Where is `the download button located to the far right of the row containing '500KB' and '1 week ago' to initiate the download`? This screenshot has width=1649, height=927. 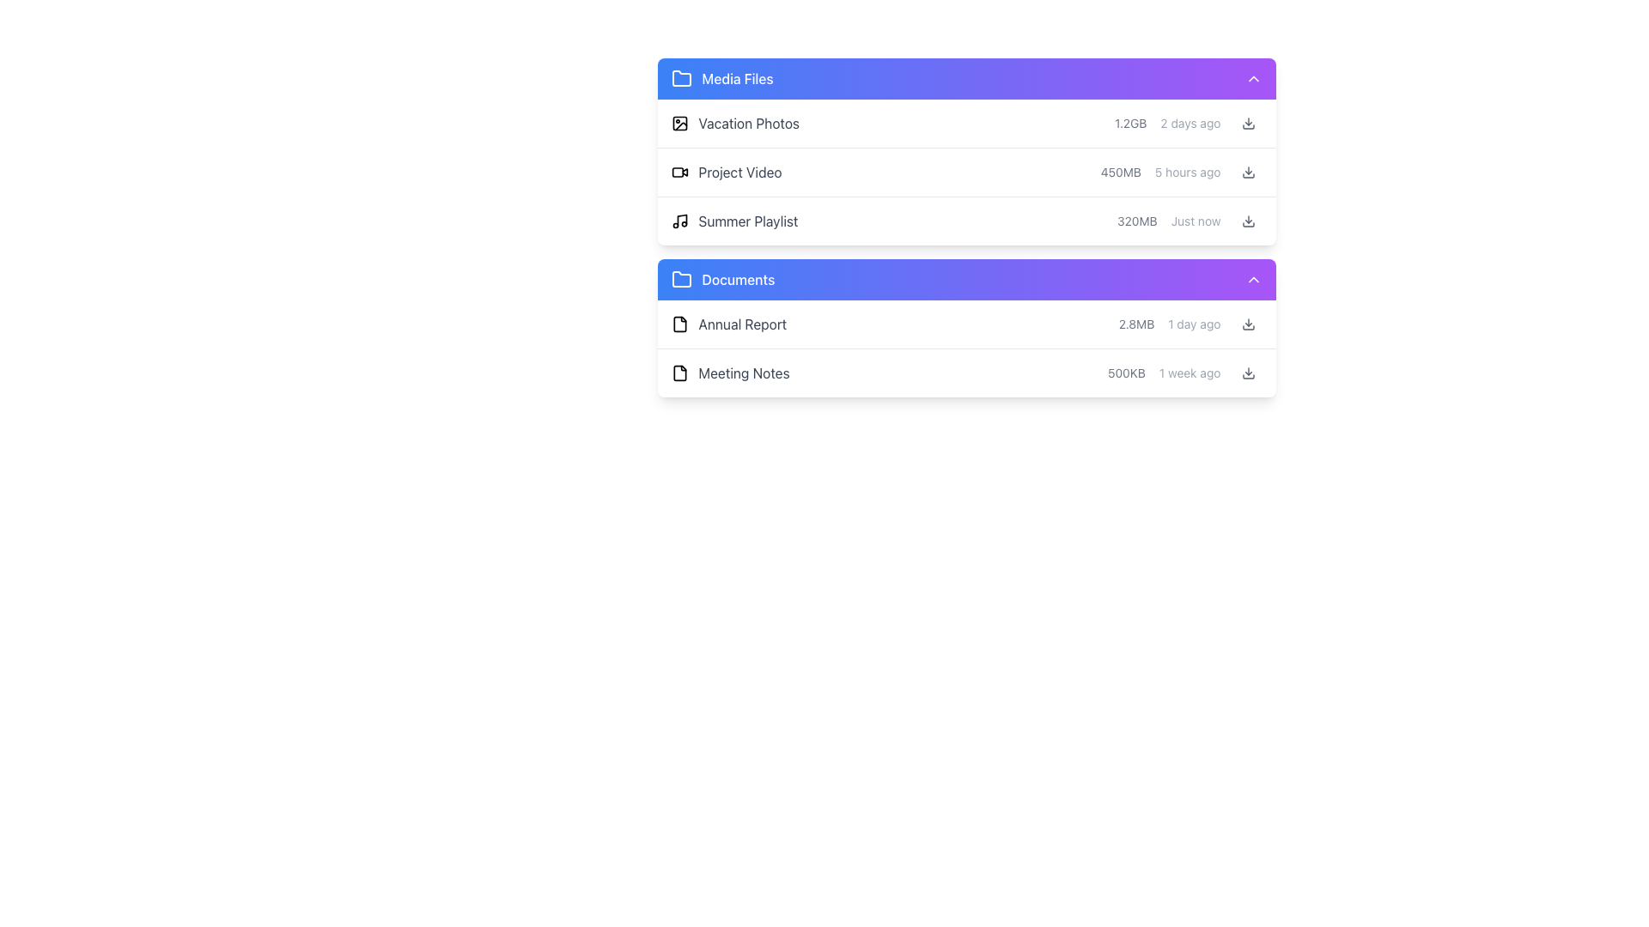
the download button located to the far right of the row containing '500KB' and '1 week ago' to initiate the download is located at coordinates (1248, 373).